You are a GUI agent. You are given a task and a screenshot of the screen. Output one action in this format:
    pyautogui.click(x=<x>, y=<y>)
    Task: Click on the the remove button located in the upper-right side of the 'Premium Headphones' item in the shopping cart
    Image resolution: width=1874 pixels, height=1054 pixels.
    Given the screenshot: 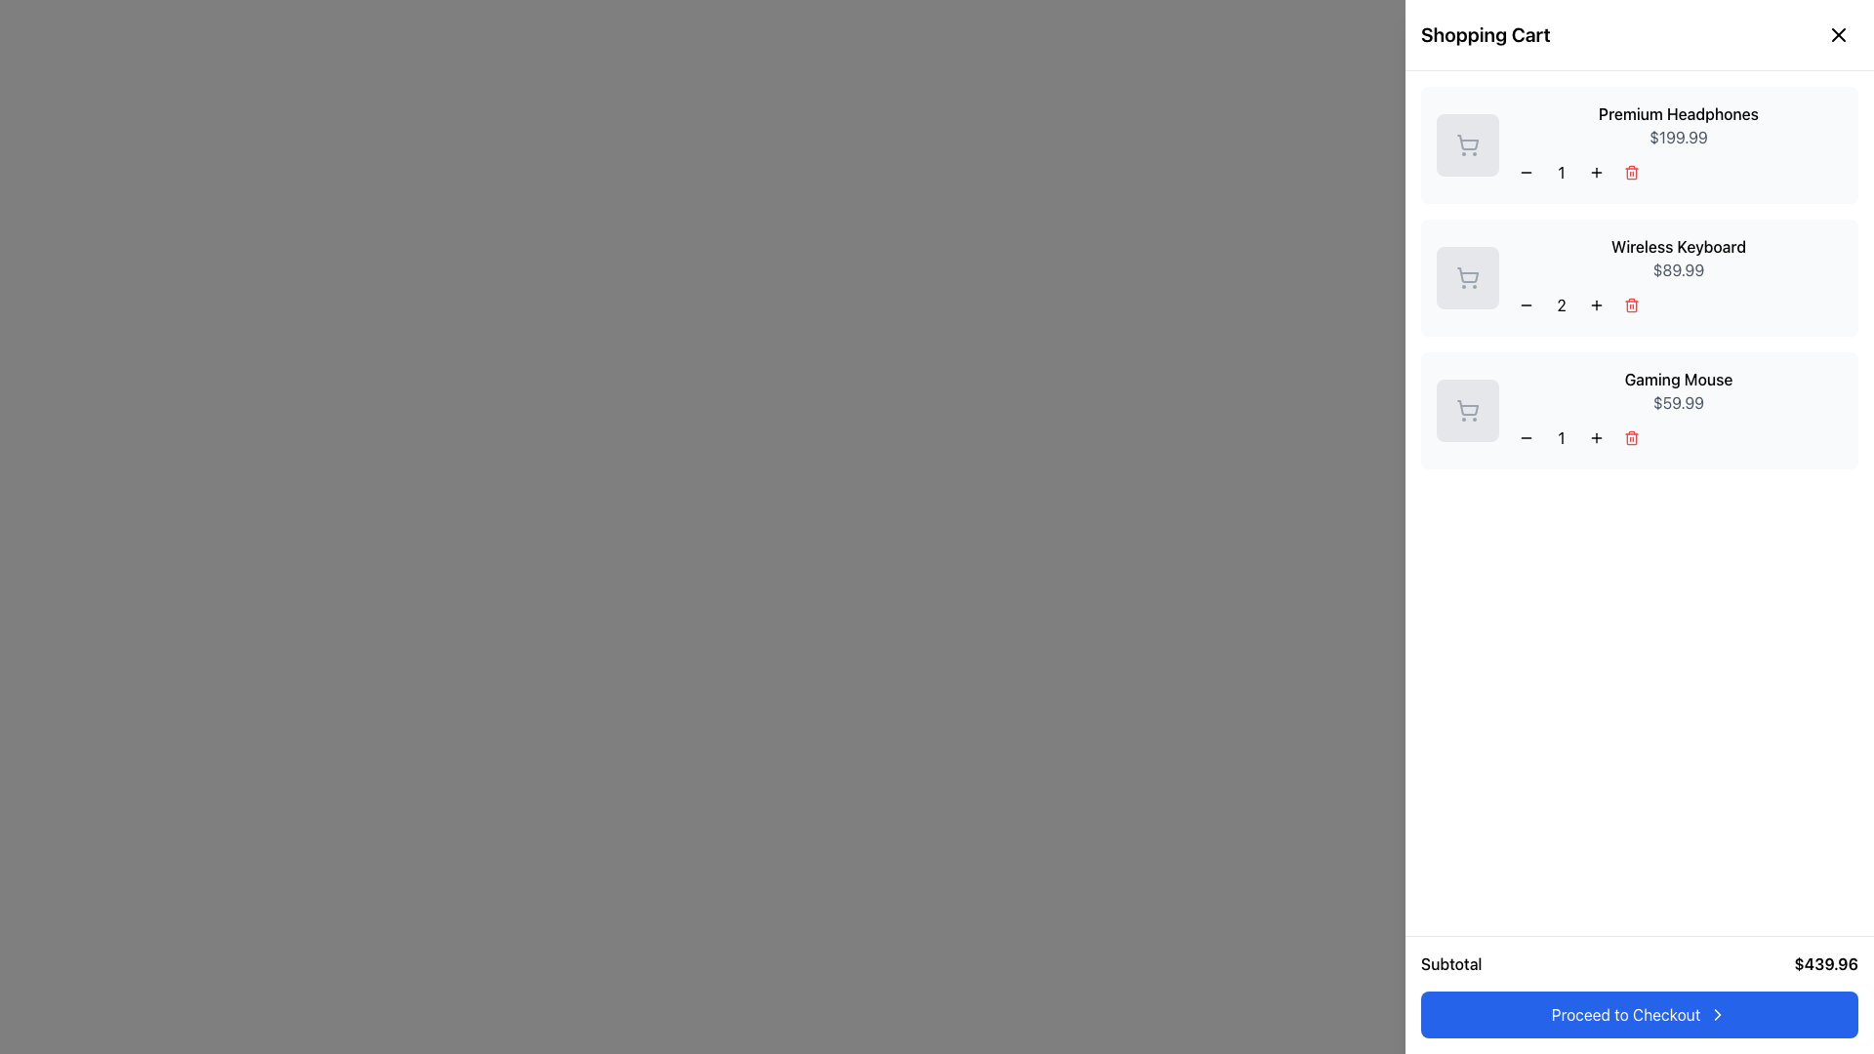 What is the action you would take?
    pyautogui.click(x=1631, y=172)
    